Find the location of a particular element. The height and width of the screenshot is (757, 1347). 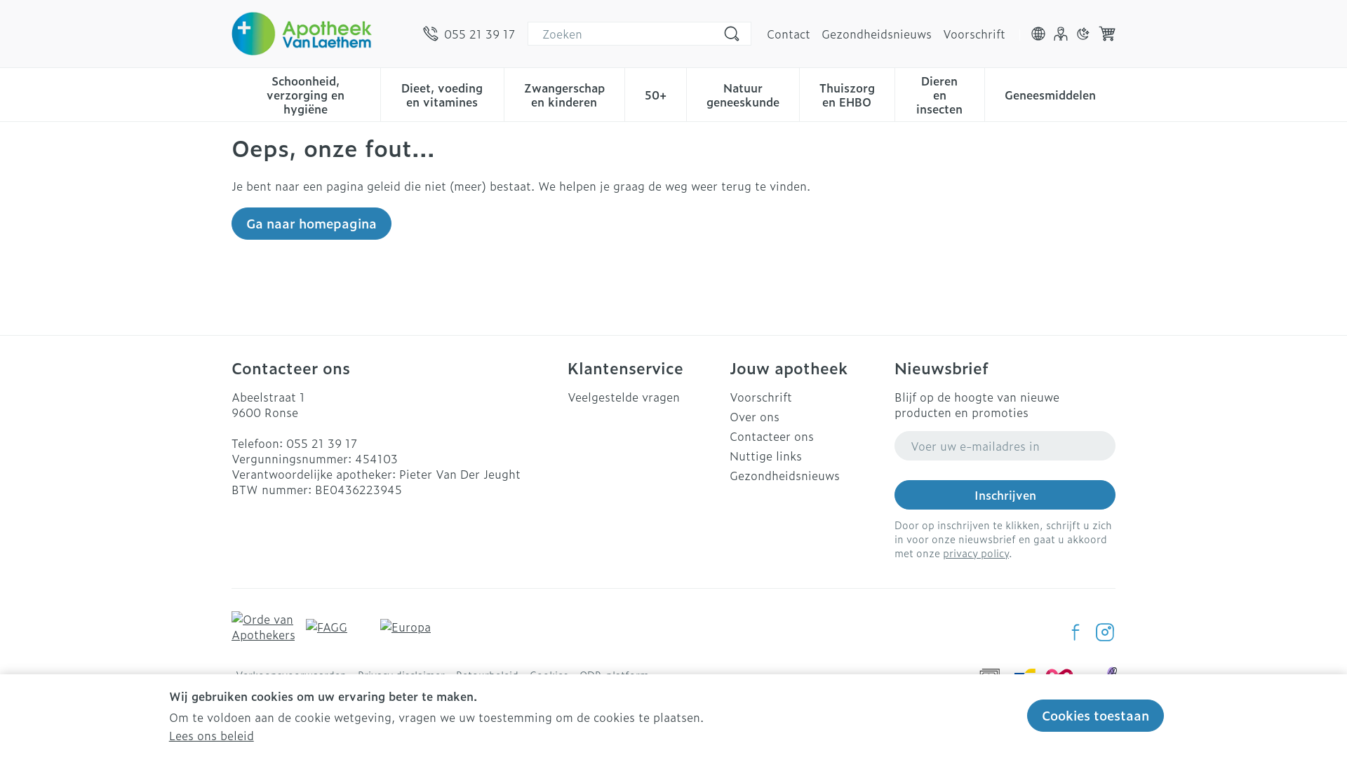

'50+' is located at coordinates (655, 93).